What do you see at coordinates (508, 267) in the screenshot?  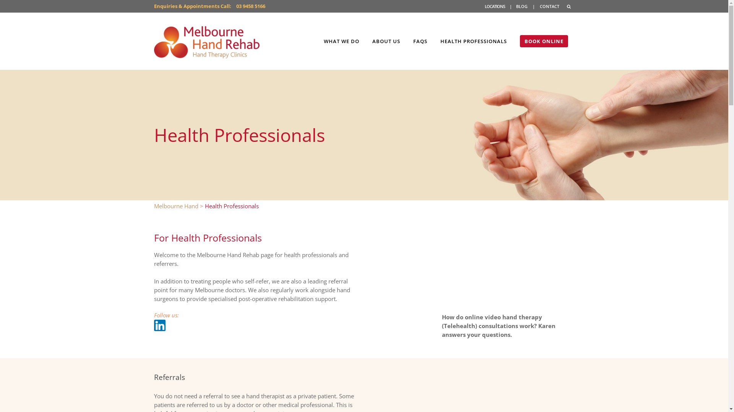 I see `'Surgeons questions'` at bounding box center [508, 267].